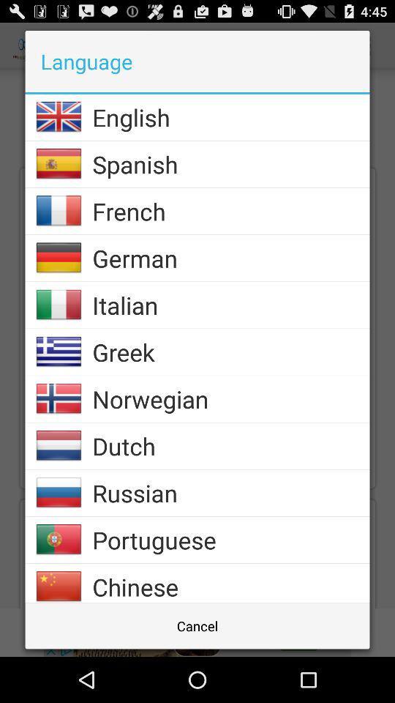 The width and height of the screenshot is (395, 703). Describe the element at coordinates (230, 539) in the screenshot. I see `icon above chinese icon` at that location.